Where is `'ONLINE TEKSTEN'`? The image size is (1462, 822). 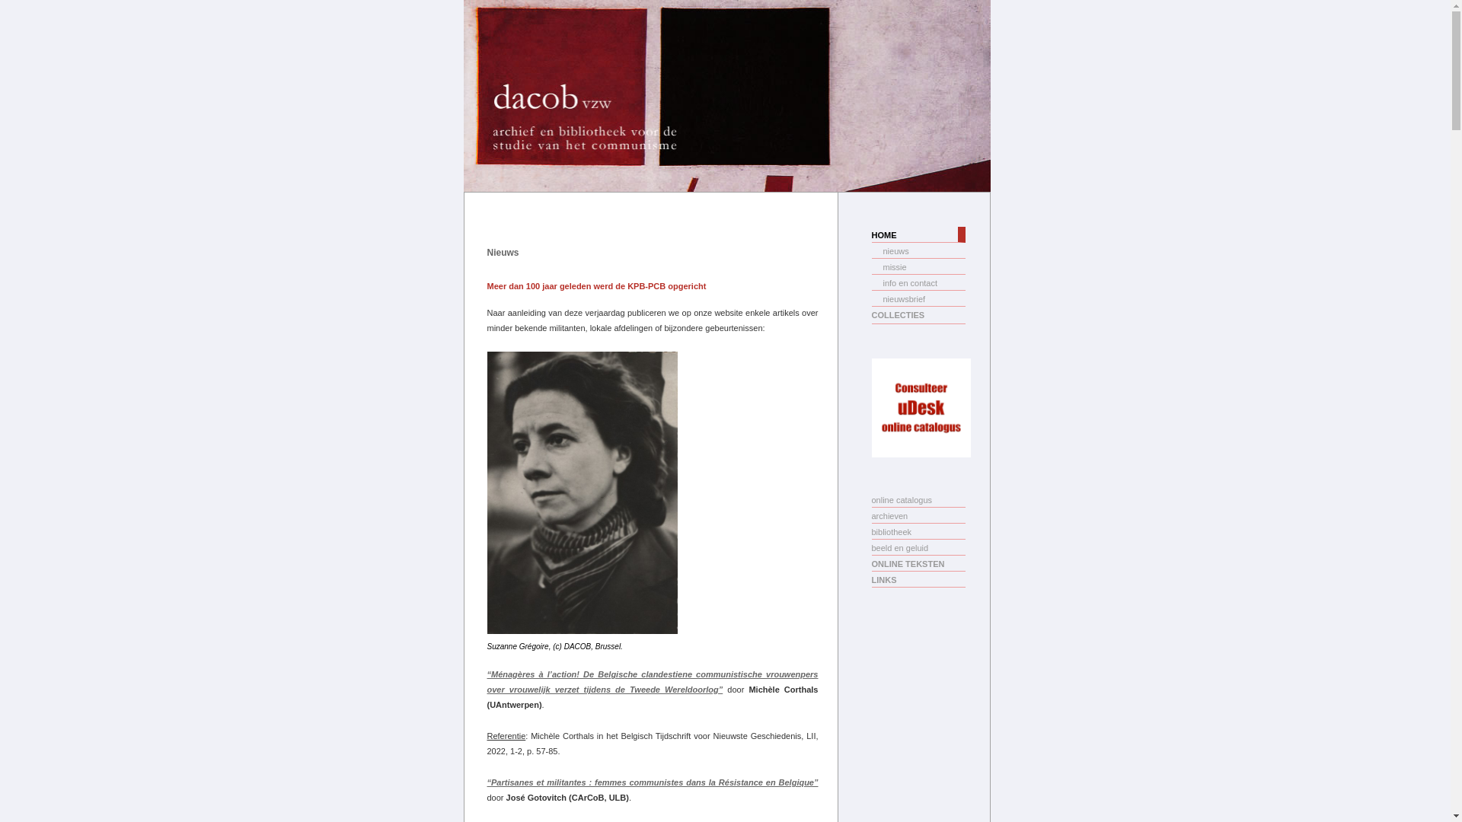 'ONLINE TEKSTEN' is located at coordinates (917, 563).